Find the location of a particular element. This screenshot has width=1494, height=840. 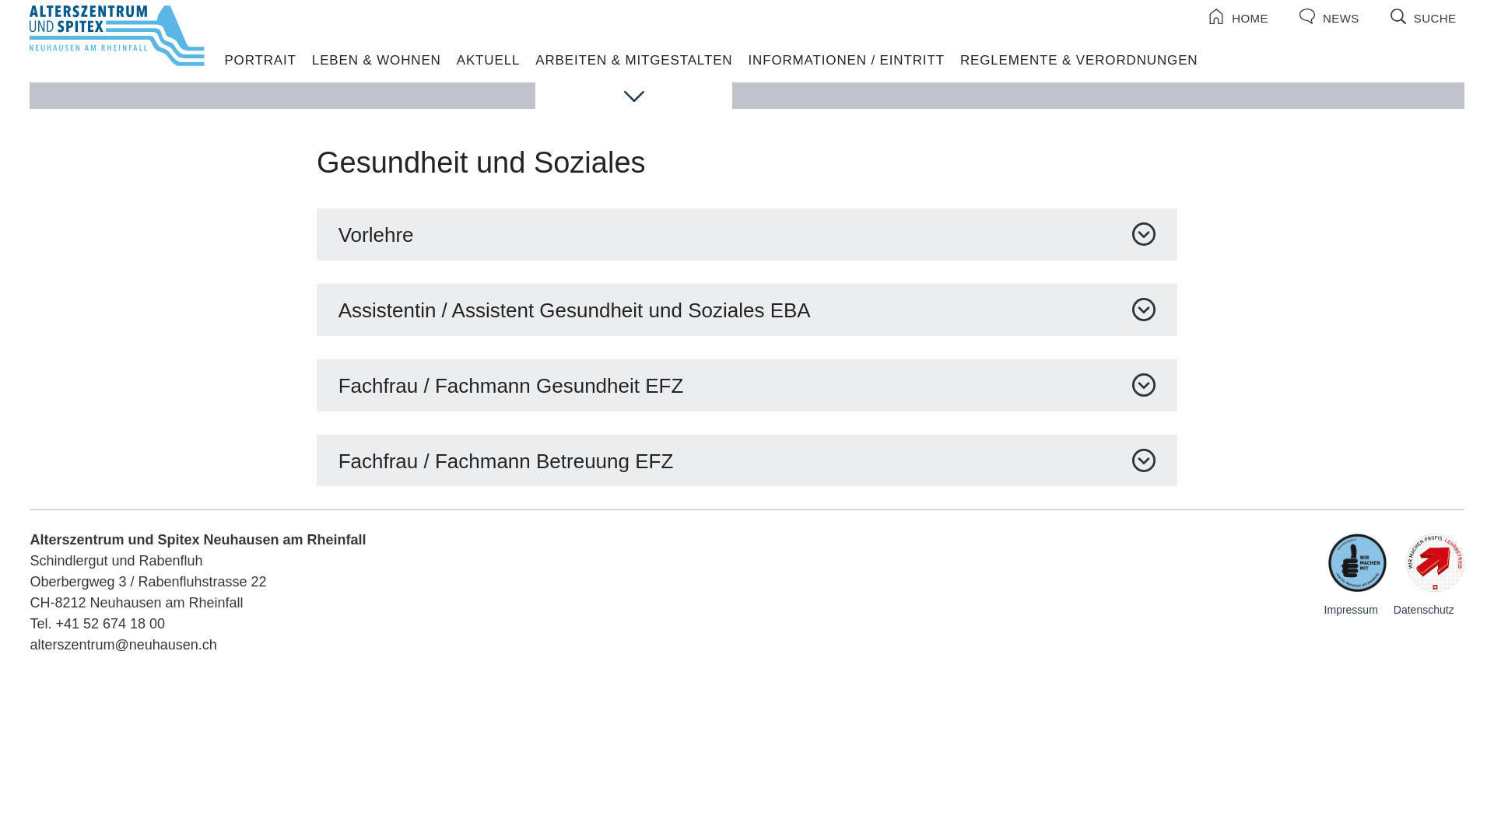

'AKTUELL' is located at coordinates (488, 59).